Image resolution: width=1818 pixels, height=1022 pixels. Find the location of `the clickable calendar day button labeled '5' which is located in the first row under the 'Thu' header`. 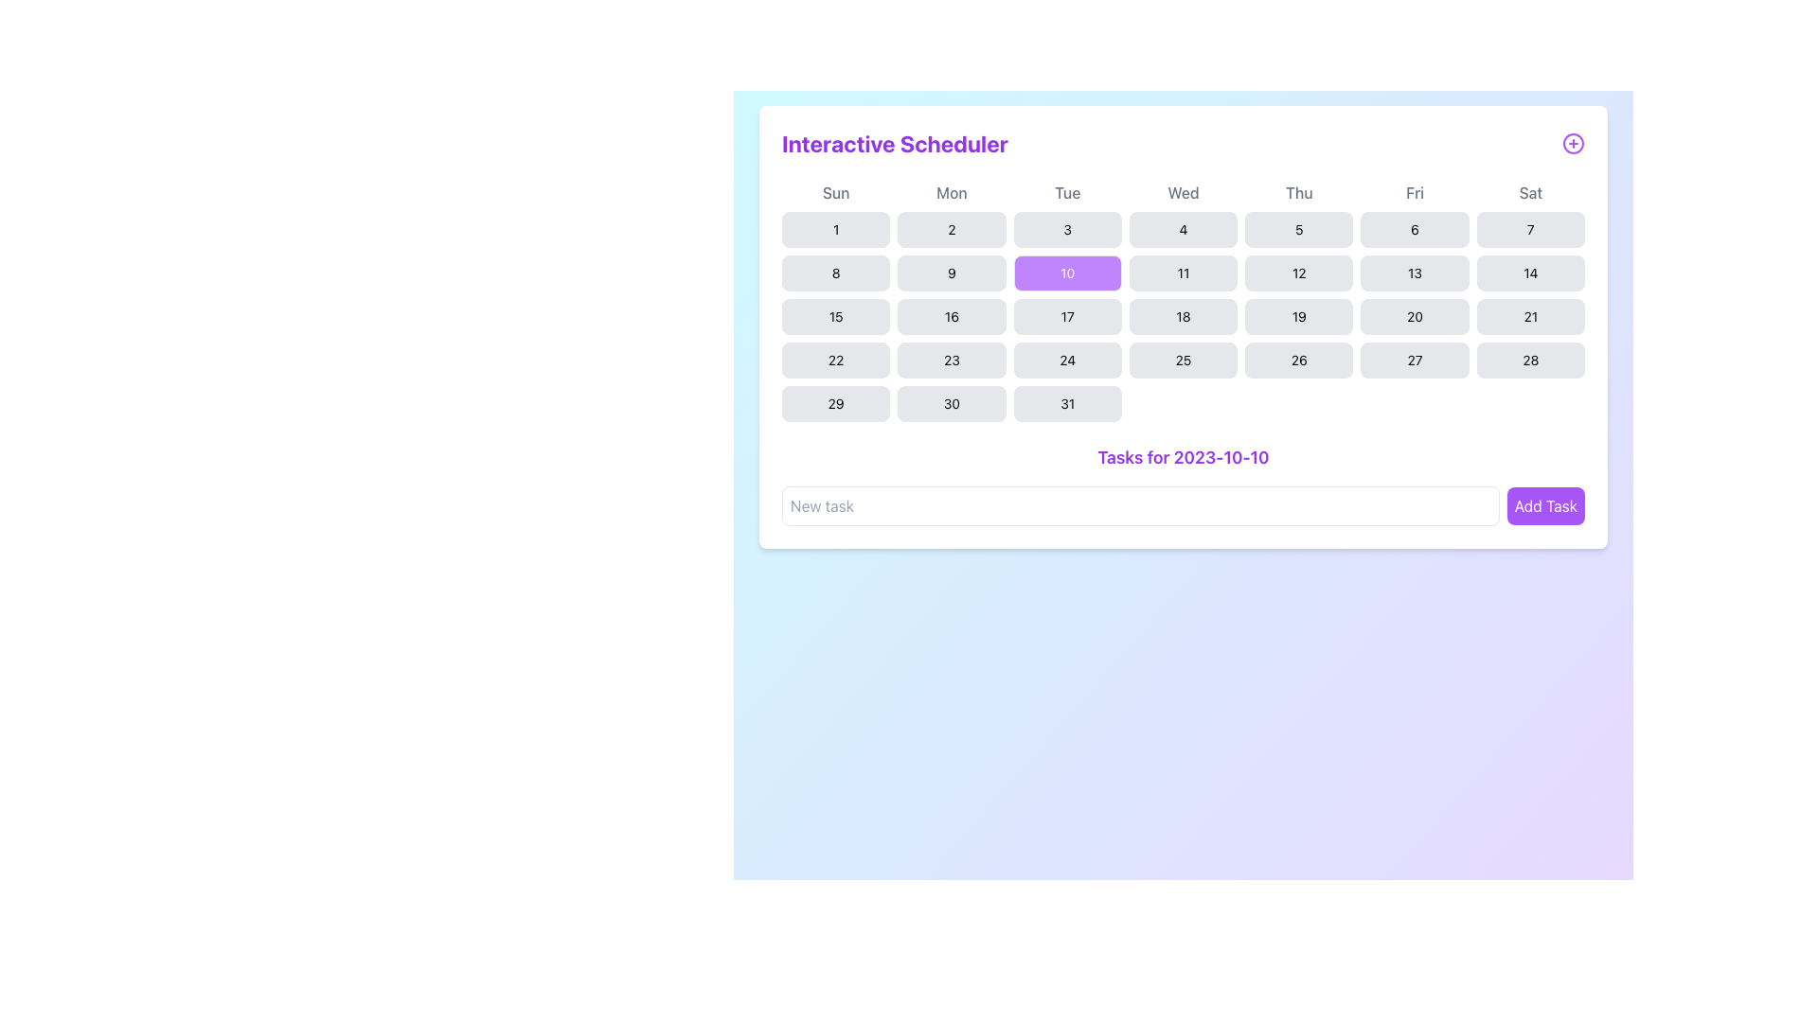

the clickable calendar day button labeled '5' which is located in the first row under the 'Thu' header is located at coordinates (1298, 229).